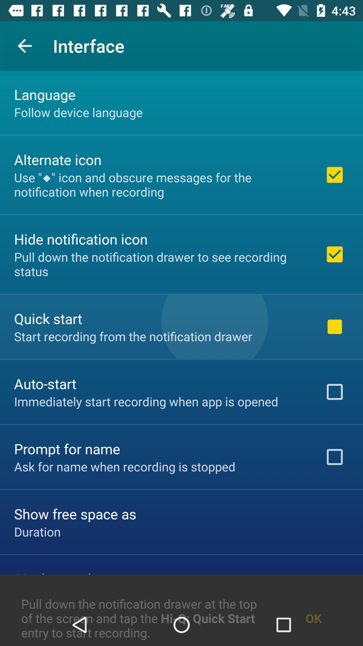  Describe the element at coordinates (37, 531) in the screenshot. I see `duration` at that location.